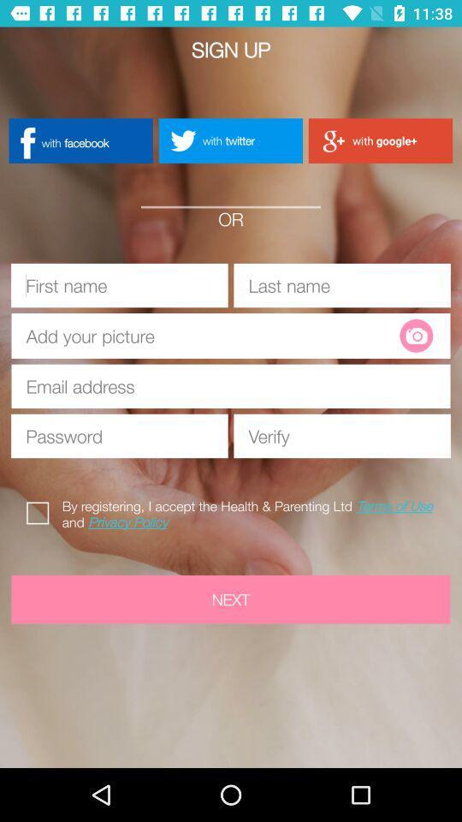 The height and width of the screenshot is (822, 462). Describe the element at coordinates (231, 386) in the screenshot. I see `email address` at that location.